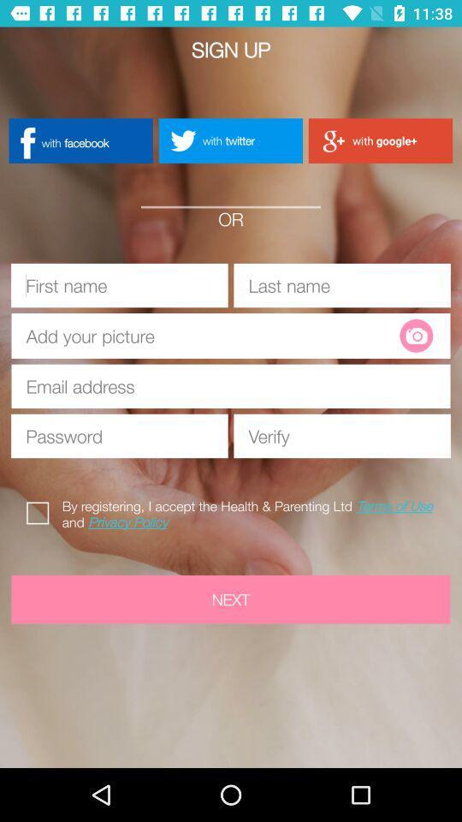 The height and width of the screenshot is (822, 462). Describe the element at coordinates (231, 386) in the screenshot. I see `email address` at that location.